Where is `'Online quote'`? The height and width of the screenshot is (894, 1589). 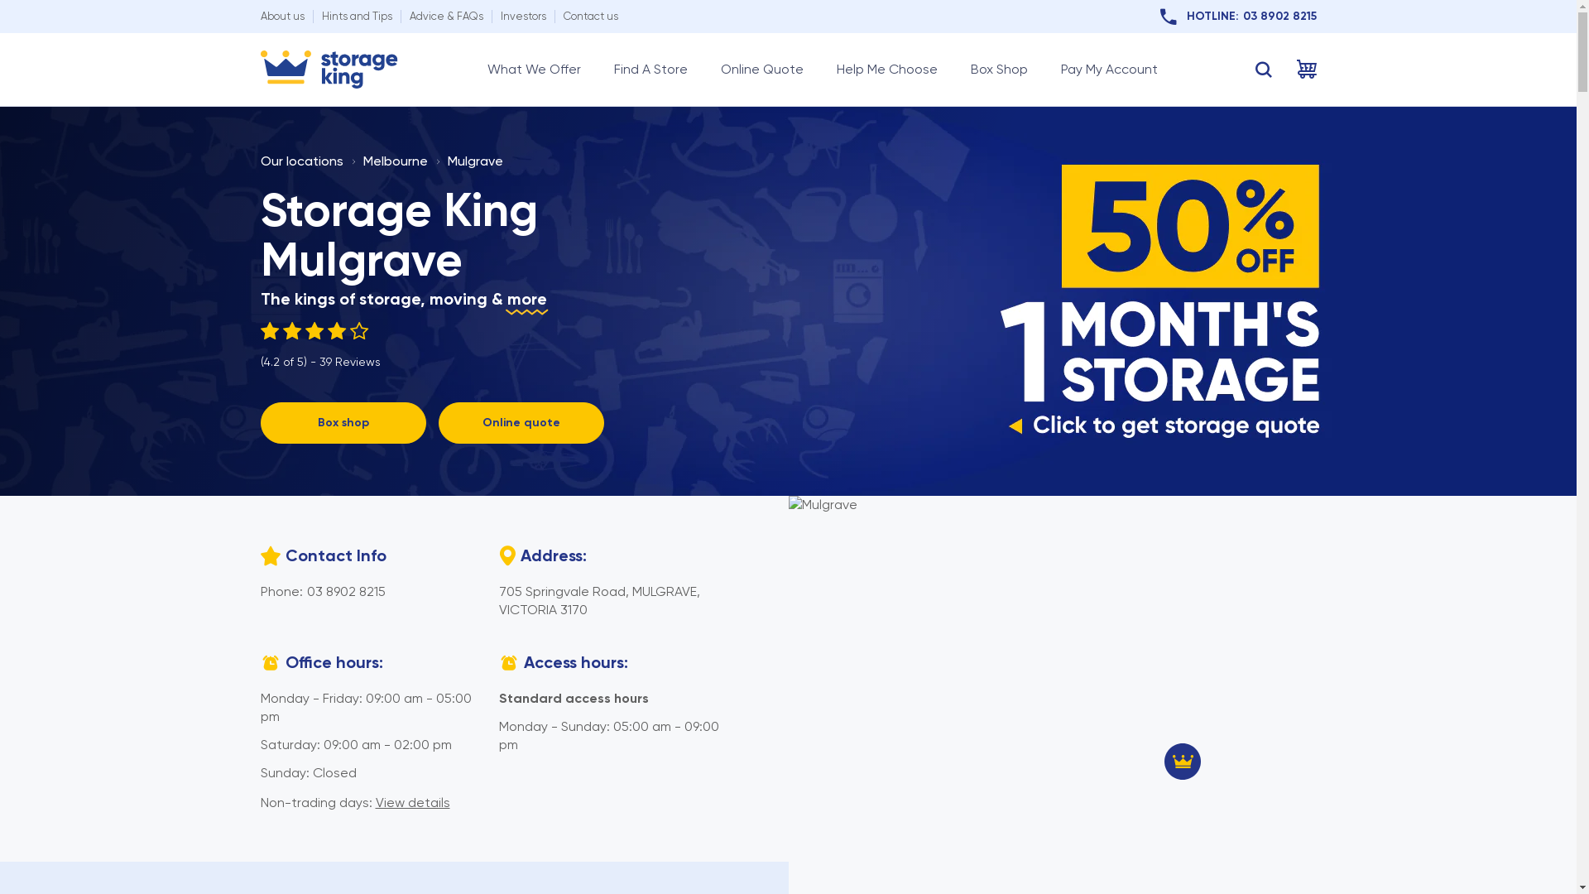
'Online quote' is located at coordinates (520, 421).